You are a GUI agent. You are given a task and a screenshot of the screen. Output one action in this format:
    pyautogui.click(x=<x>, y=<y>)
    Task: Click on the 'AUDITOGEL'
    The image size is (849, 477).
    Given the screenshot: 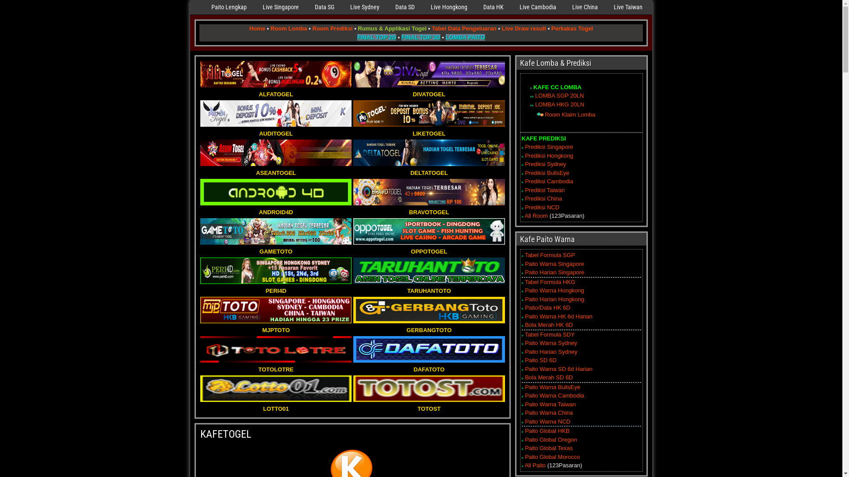 What is the action you would take?
    pyautogui.click(x=275, y=129)
    